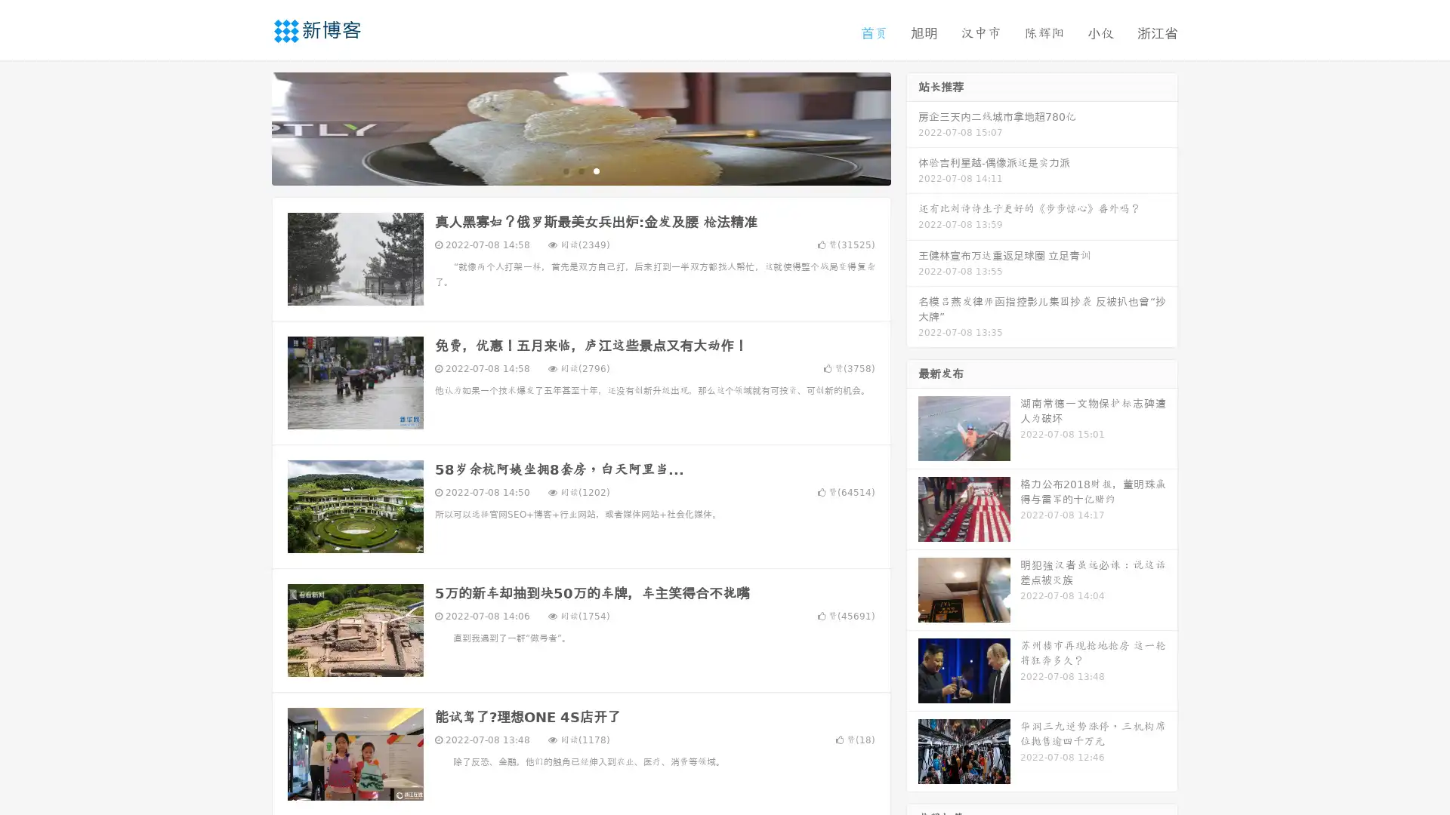  I want to click on Go to slide 2, so click(580, 170).